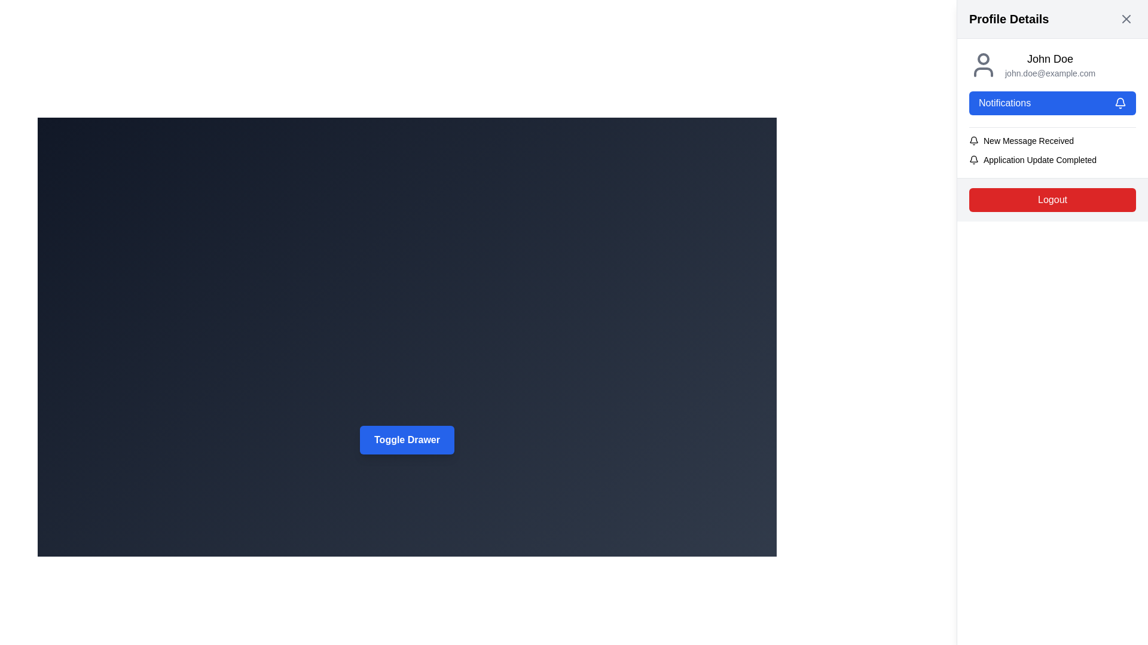  Describe the element at coordinates (1125, 19) in the screenshot. I see `the close icon button styled as a gray 'X' located in the top-right corner of the 'Profile Details' header` at that location.